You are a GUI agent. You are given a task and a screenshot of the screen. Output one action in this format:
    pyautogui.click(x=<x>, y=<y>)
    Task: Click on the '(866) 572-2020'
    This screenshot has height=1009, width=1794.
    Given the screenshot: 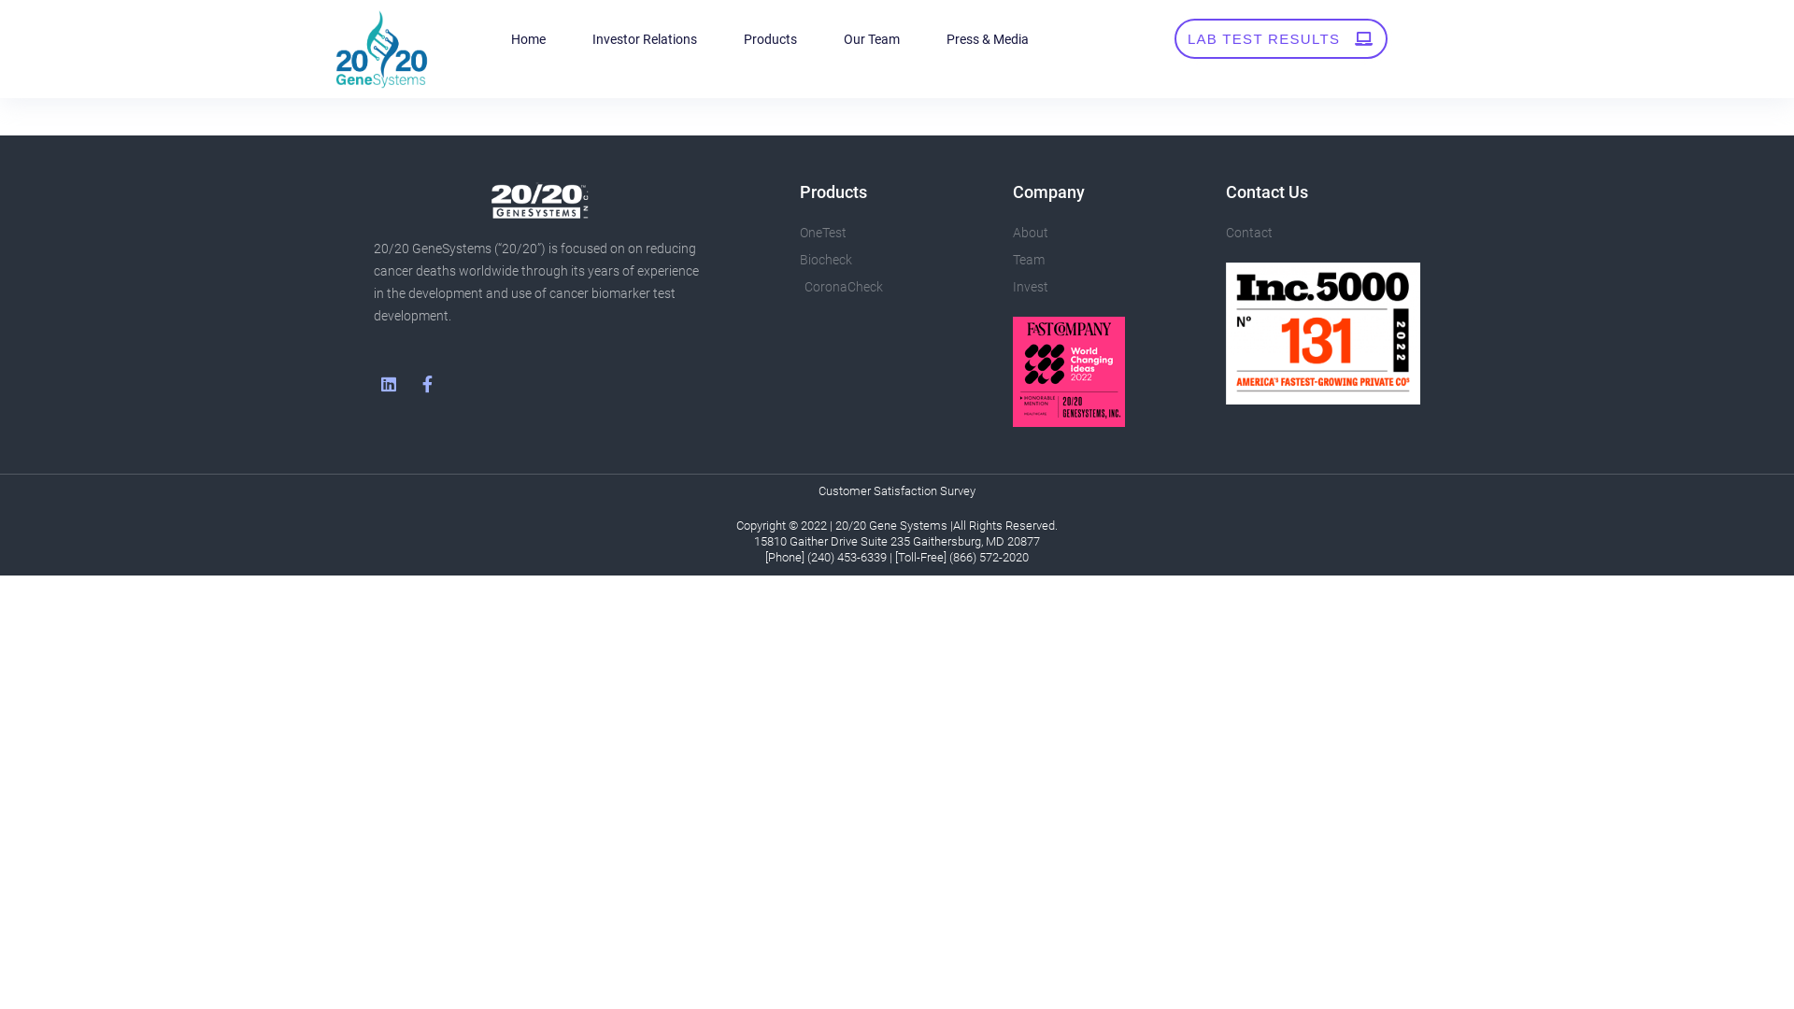 What is the action you would take?
    pyautogui.click(x=988, y=556)
    